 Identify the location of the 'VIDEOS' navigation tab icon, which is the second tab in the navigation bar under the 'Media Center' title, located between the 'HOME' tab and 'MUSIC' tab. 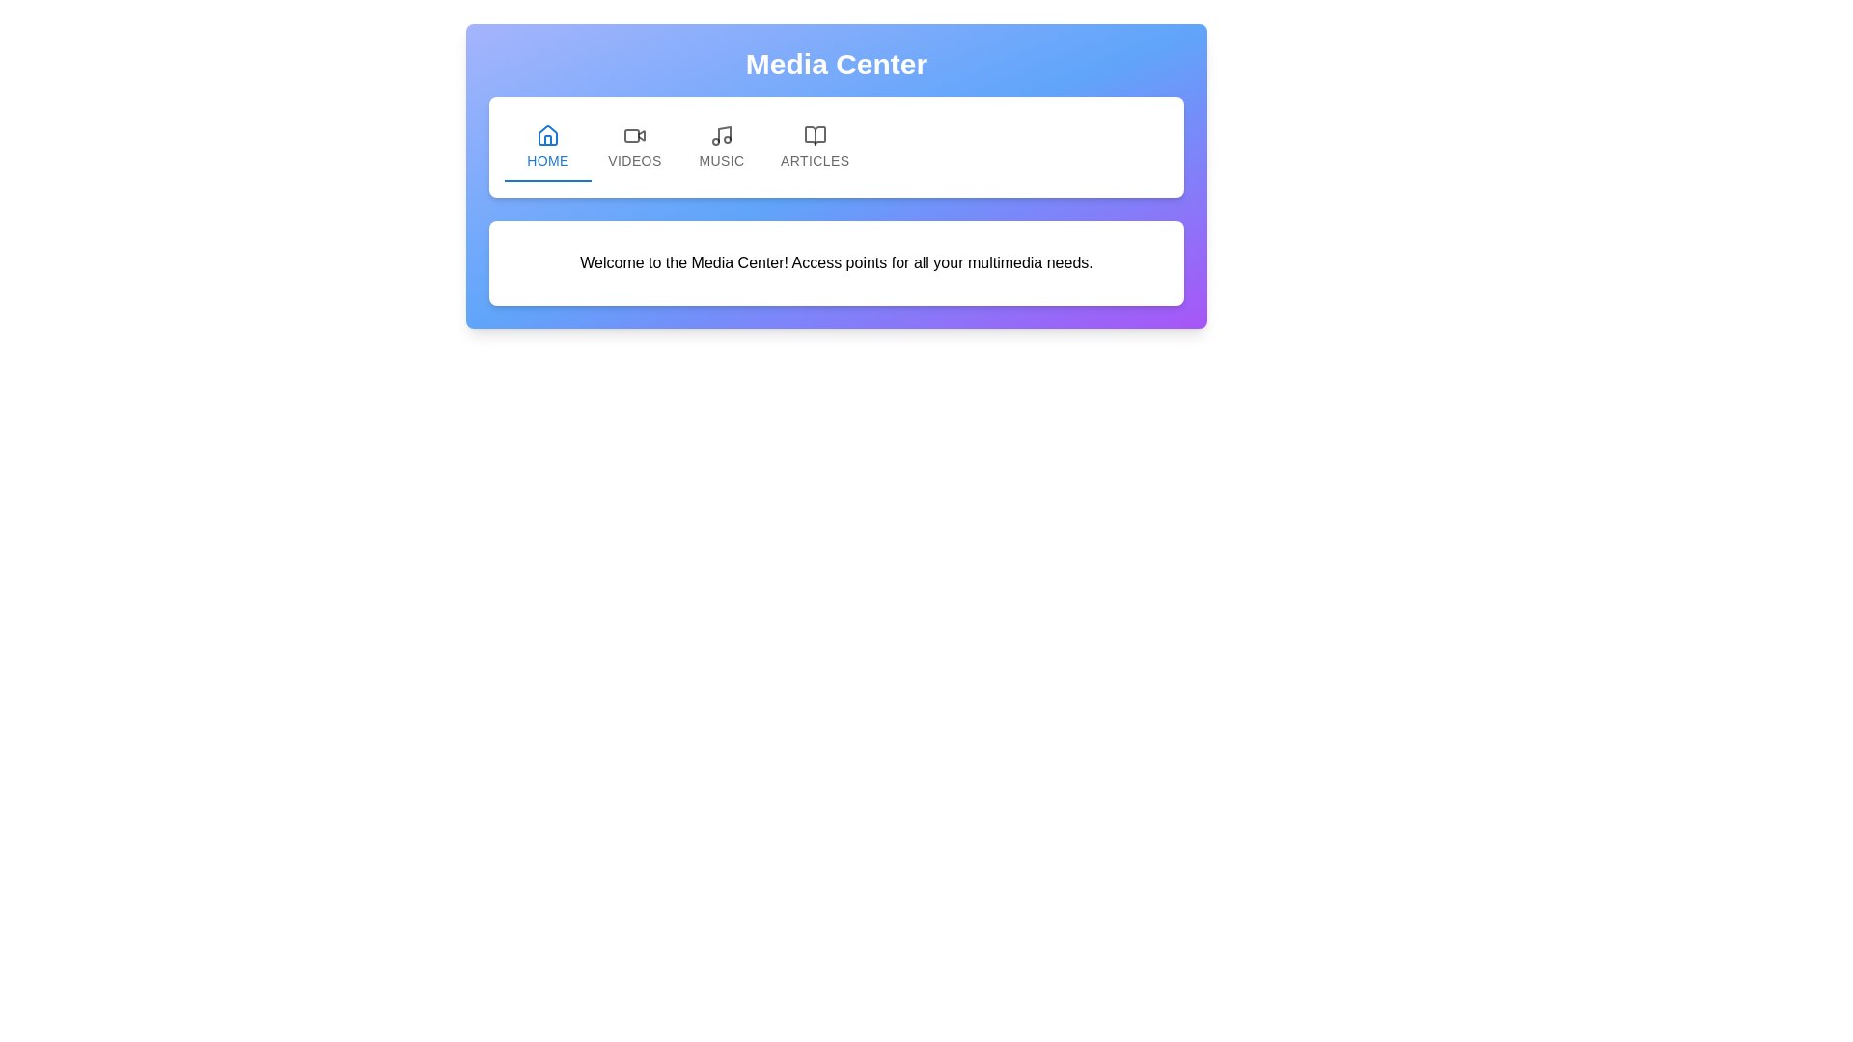
(642, 135).